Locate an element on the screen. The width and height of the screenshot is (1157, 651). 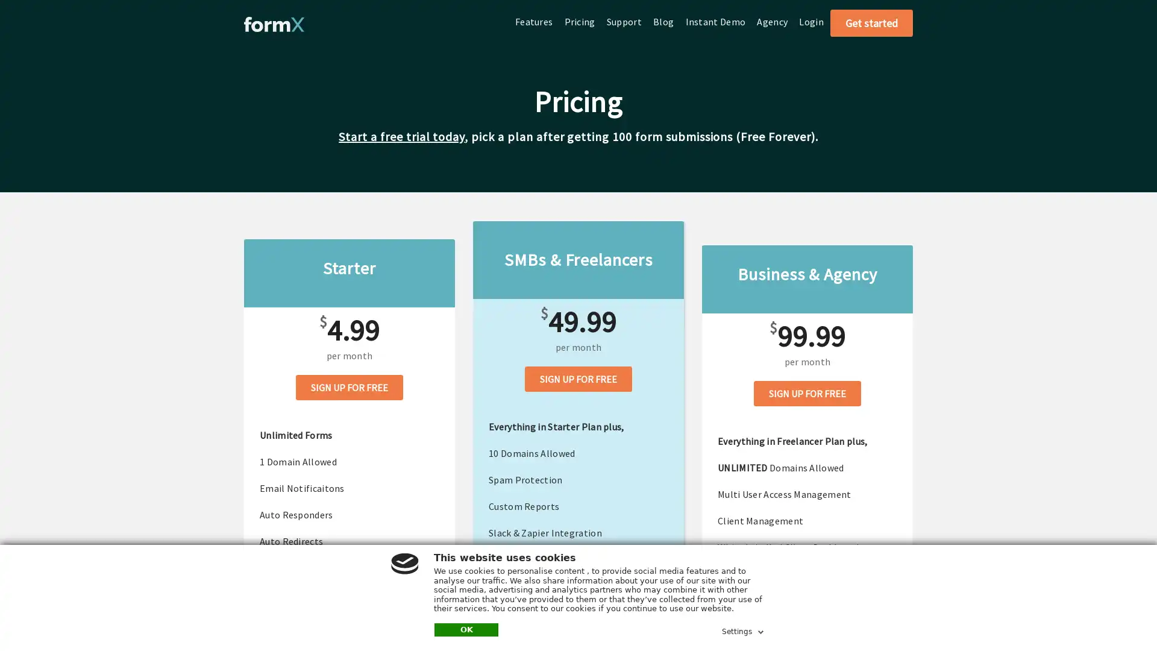
SIGN UP FOR FREE is located at coordinates (807, 392).